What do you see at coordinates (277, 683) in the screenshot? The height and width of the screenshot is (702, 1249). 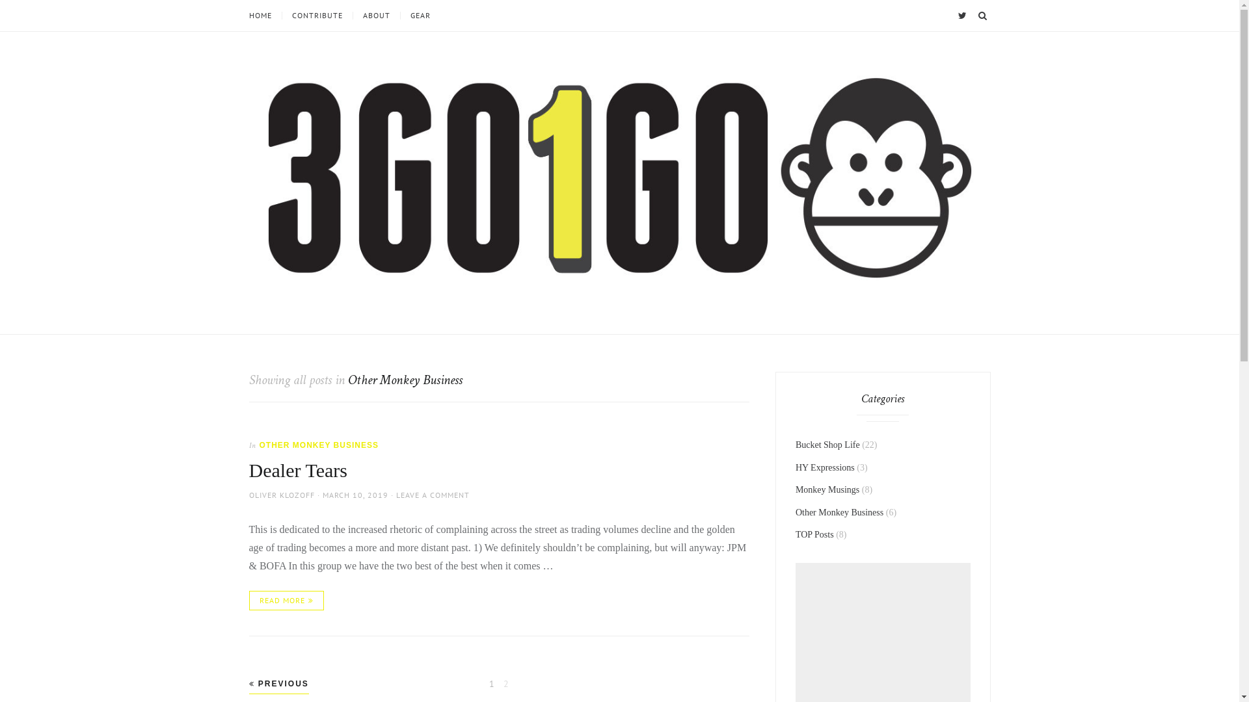 I see `'PREVIOUS'` at bounding box center [277, 683].